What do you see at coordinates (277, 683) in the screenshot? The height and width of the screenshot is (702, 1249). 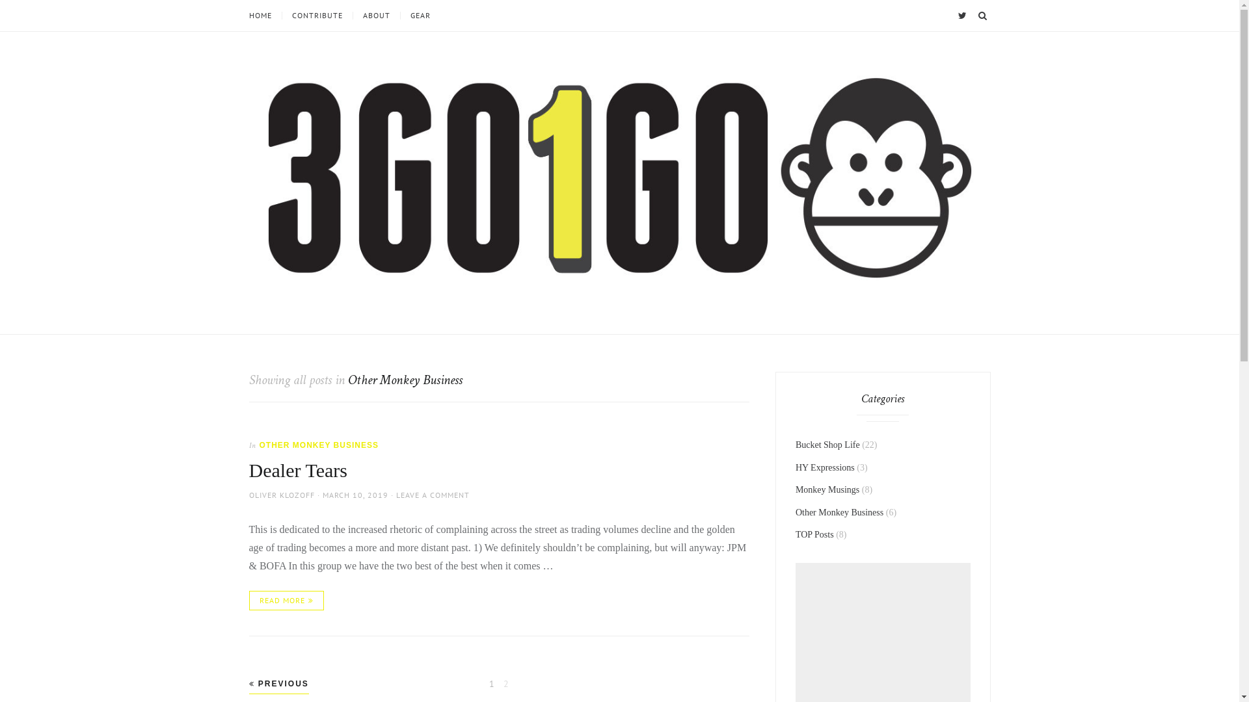 I see `'PREVIOUS'` at bounding box center [277, 683].